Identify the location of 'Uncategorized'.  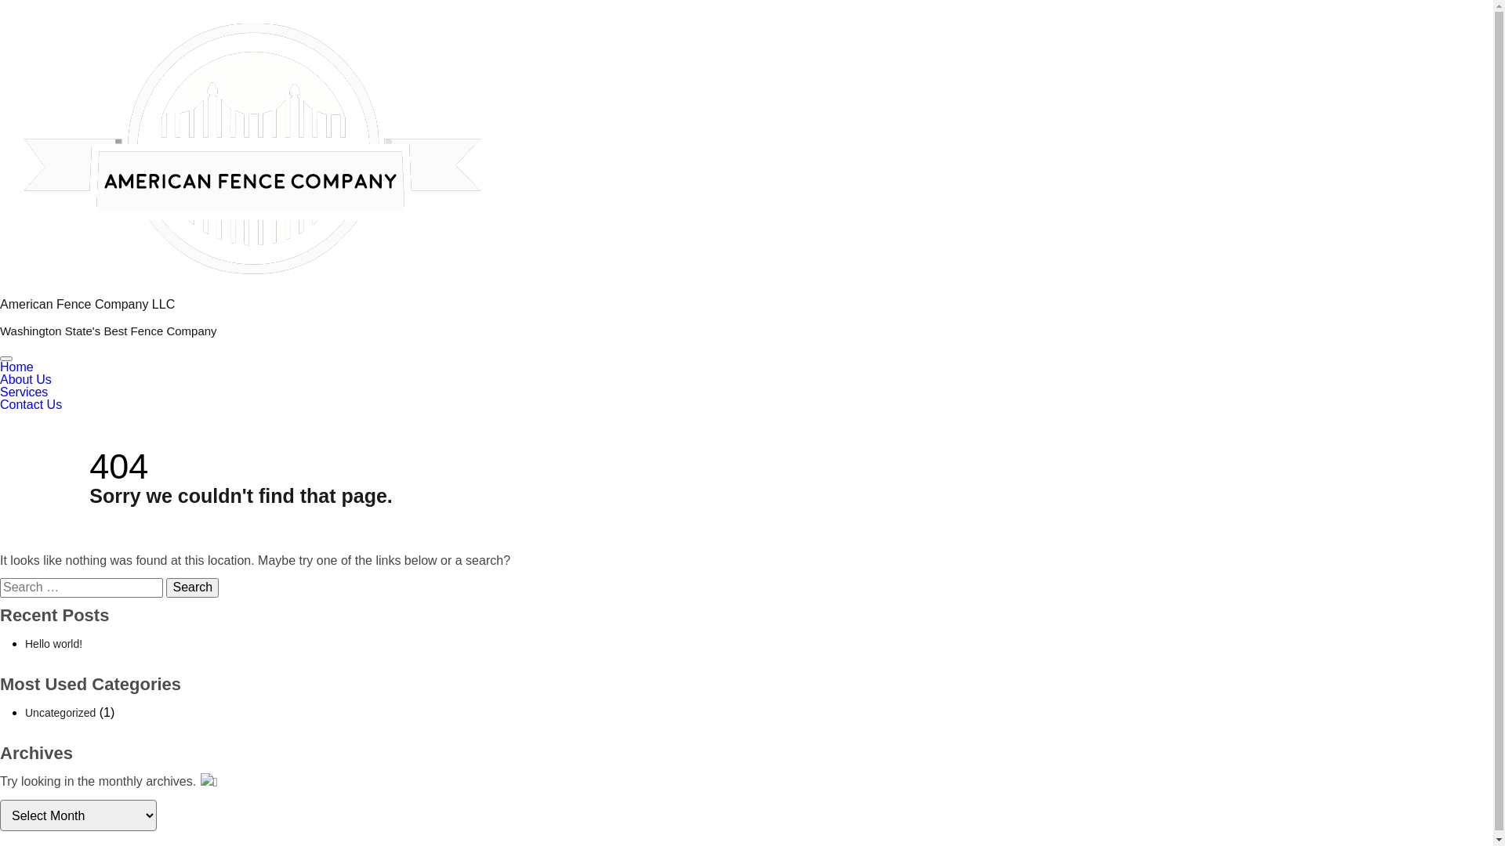
(25, 713).